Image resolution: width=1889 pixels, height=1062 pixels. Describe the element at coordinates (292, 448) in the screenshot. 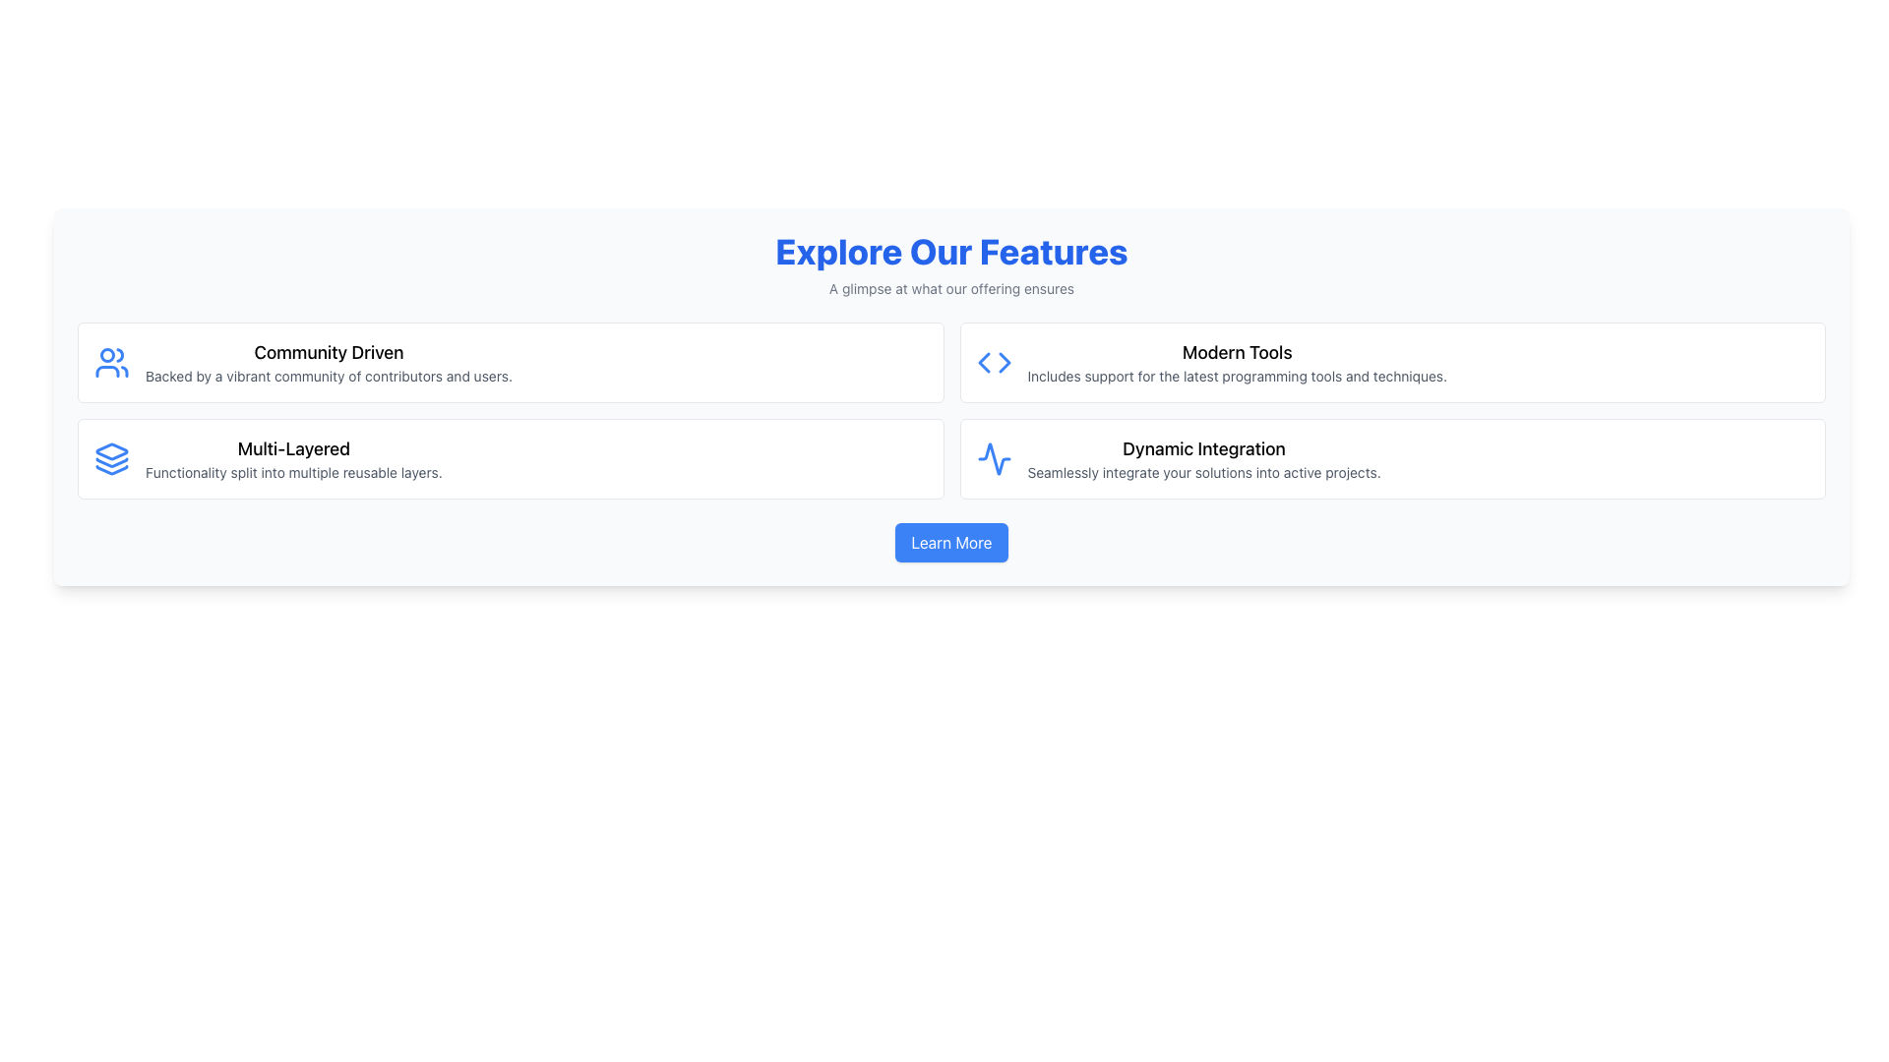

I see `the 'Multi-Layered' text label, which serves as a title for the information block describing its features, located below 'Community Driven' and to the left of 'Modern Tools'` at that location.